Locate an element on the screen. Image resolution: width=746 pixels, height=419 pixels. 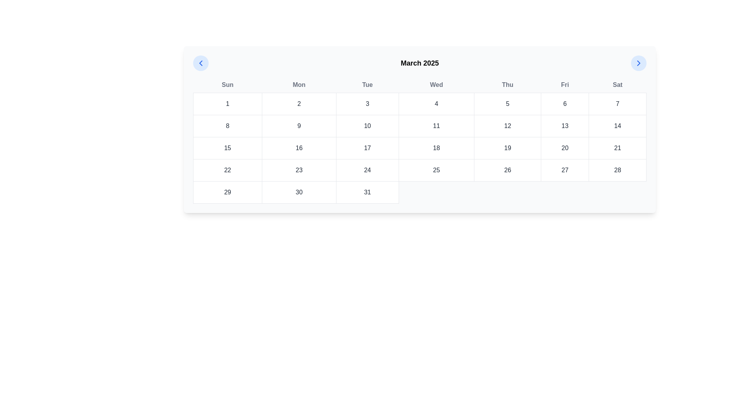
the Text Label representing 'Monday', which is the second item in the calendar week header, located between 'Sun' and 'Tue' is located at coordinates (298, 85).